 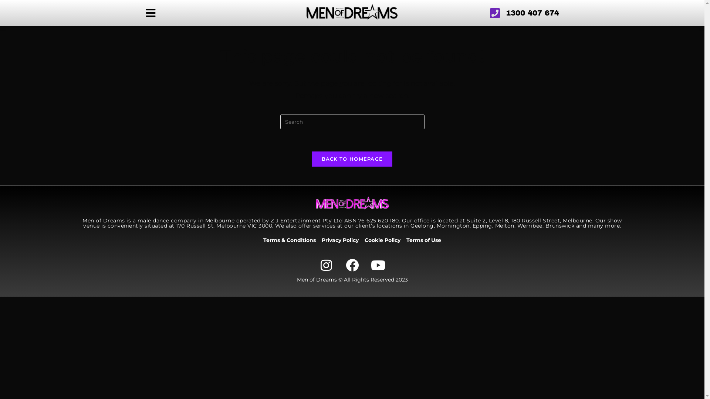 I want to click on 'Terms of Use', so click(x=406, y=240).